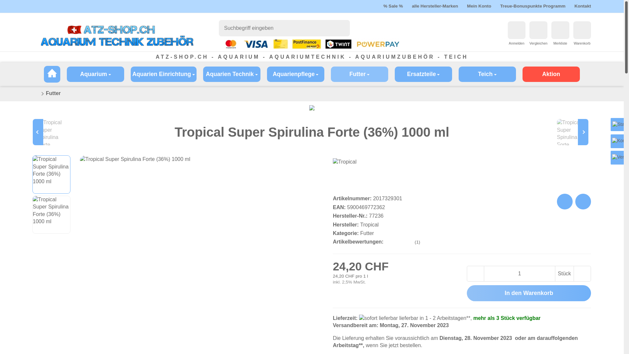  I want to click on 'Merkliste', so click(560, 43).